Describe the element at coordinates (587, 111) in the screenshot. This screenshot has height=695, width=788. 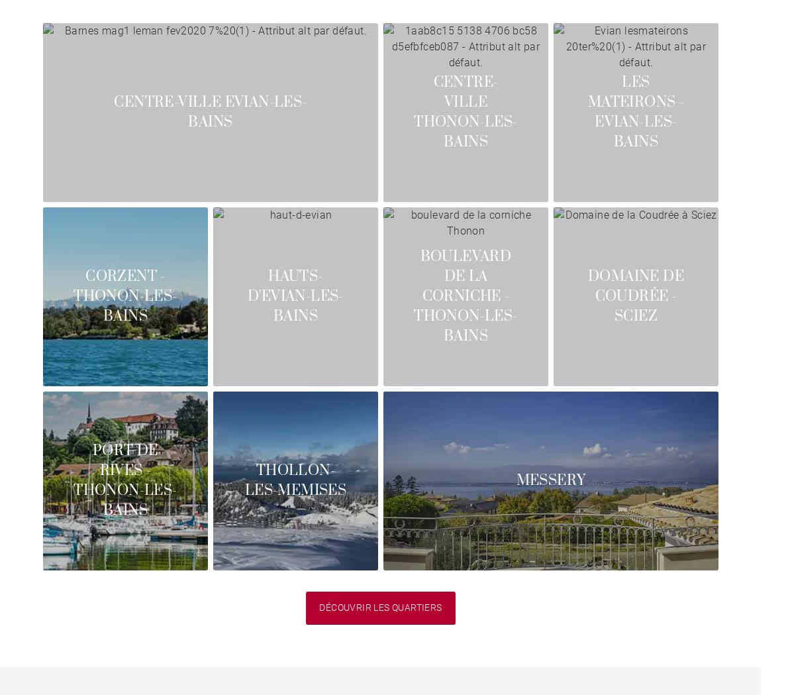
I see `'Les Mateirons - Evian-les-Bains'` at that location.